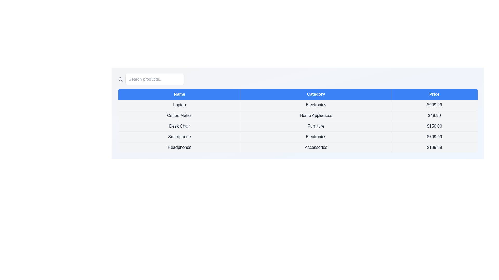  Describe the element at coordinates (316, 94) in the screenshot. I see `the Text Label that serves as a column header between the 'Name' and 'Price' columns in the table to potentially see tooltips` at that location.